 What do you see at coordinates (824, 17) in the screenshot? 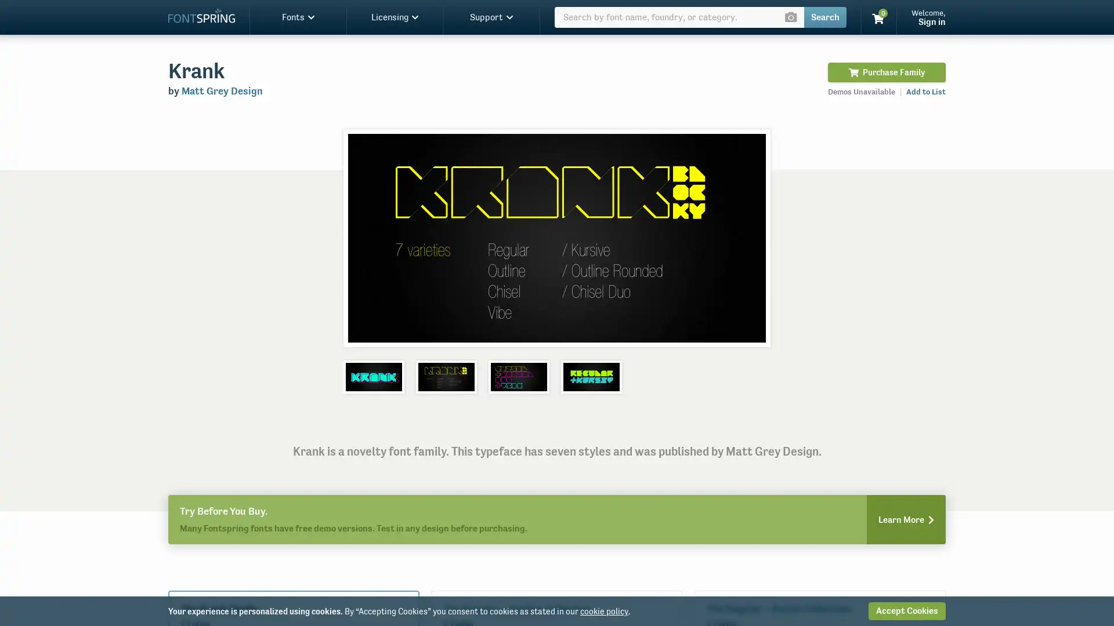
I see `Search` at bounding box center [824, 17].